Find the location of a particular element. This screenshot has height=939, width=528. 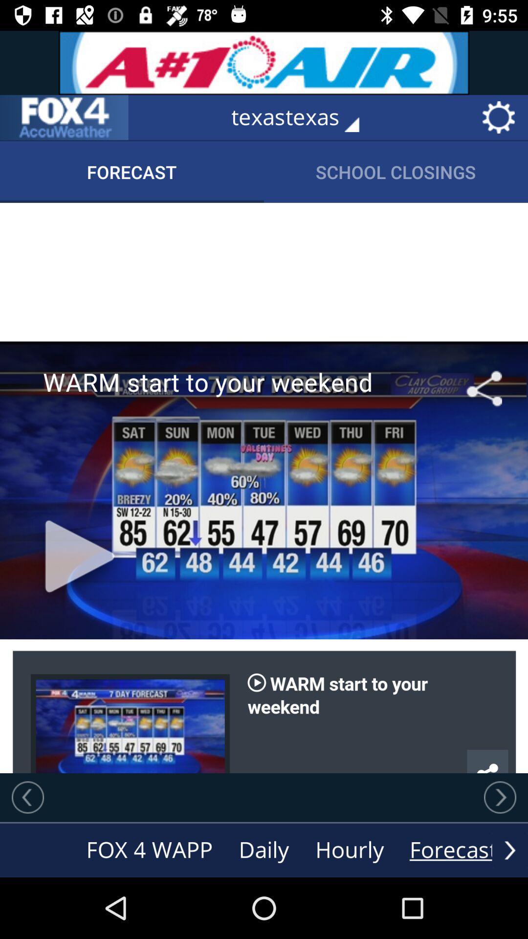

click on the menu in the left corner is located at coordinates (64, 117).